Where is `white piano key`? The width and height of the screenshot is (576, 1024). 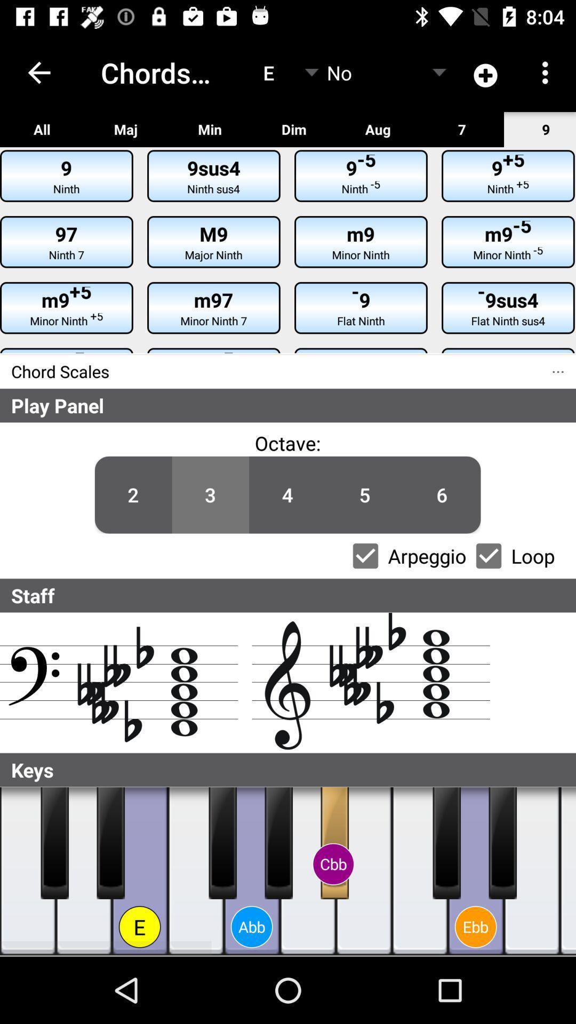 white piano key is located at coordinates (567, 871).